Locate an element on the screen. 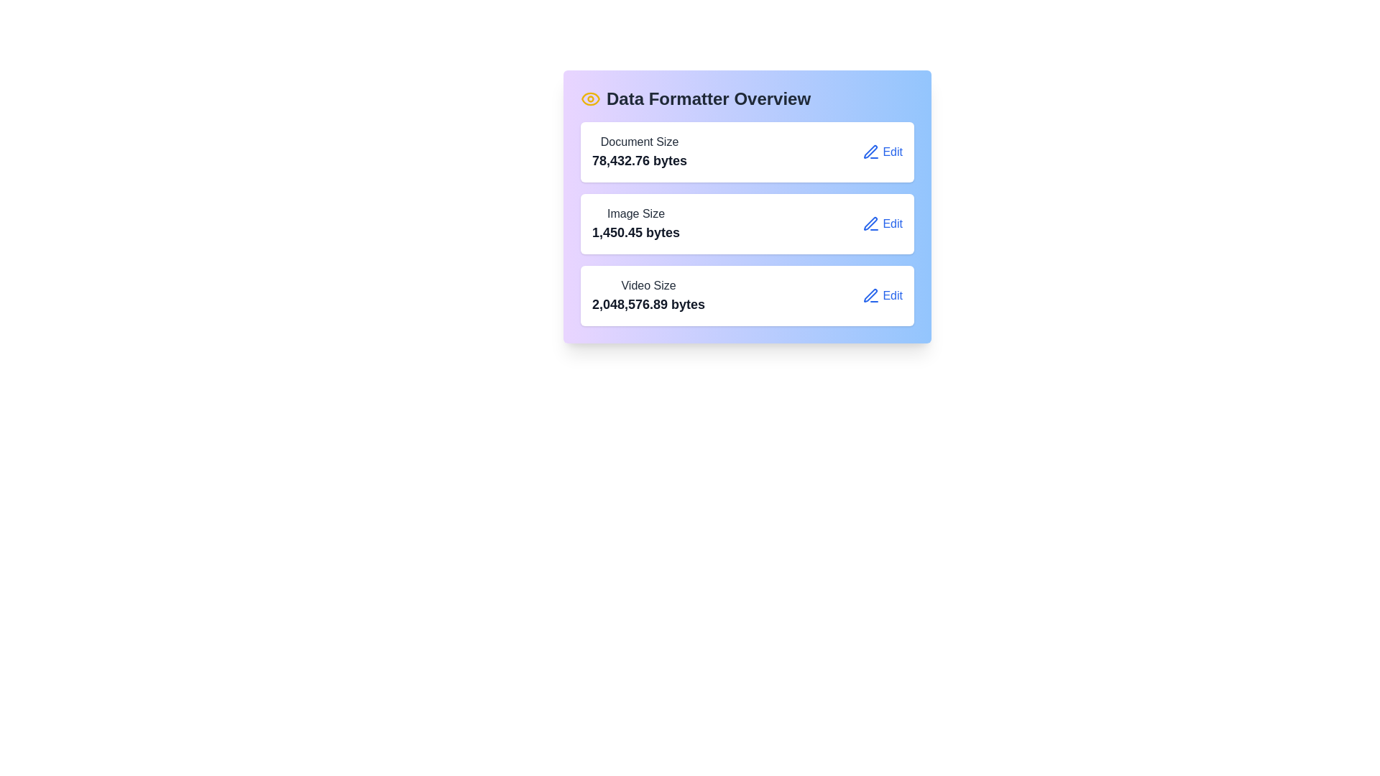 Image resolution: width=1380 pixels, height=776 pixels. the 'Document Size' text label, which is positioned above the value '78,432.76 bytes' in the 'Data Formatter Overview' section is located at coordinates (639, 142).